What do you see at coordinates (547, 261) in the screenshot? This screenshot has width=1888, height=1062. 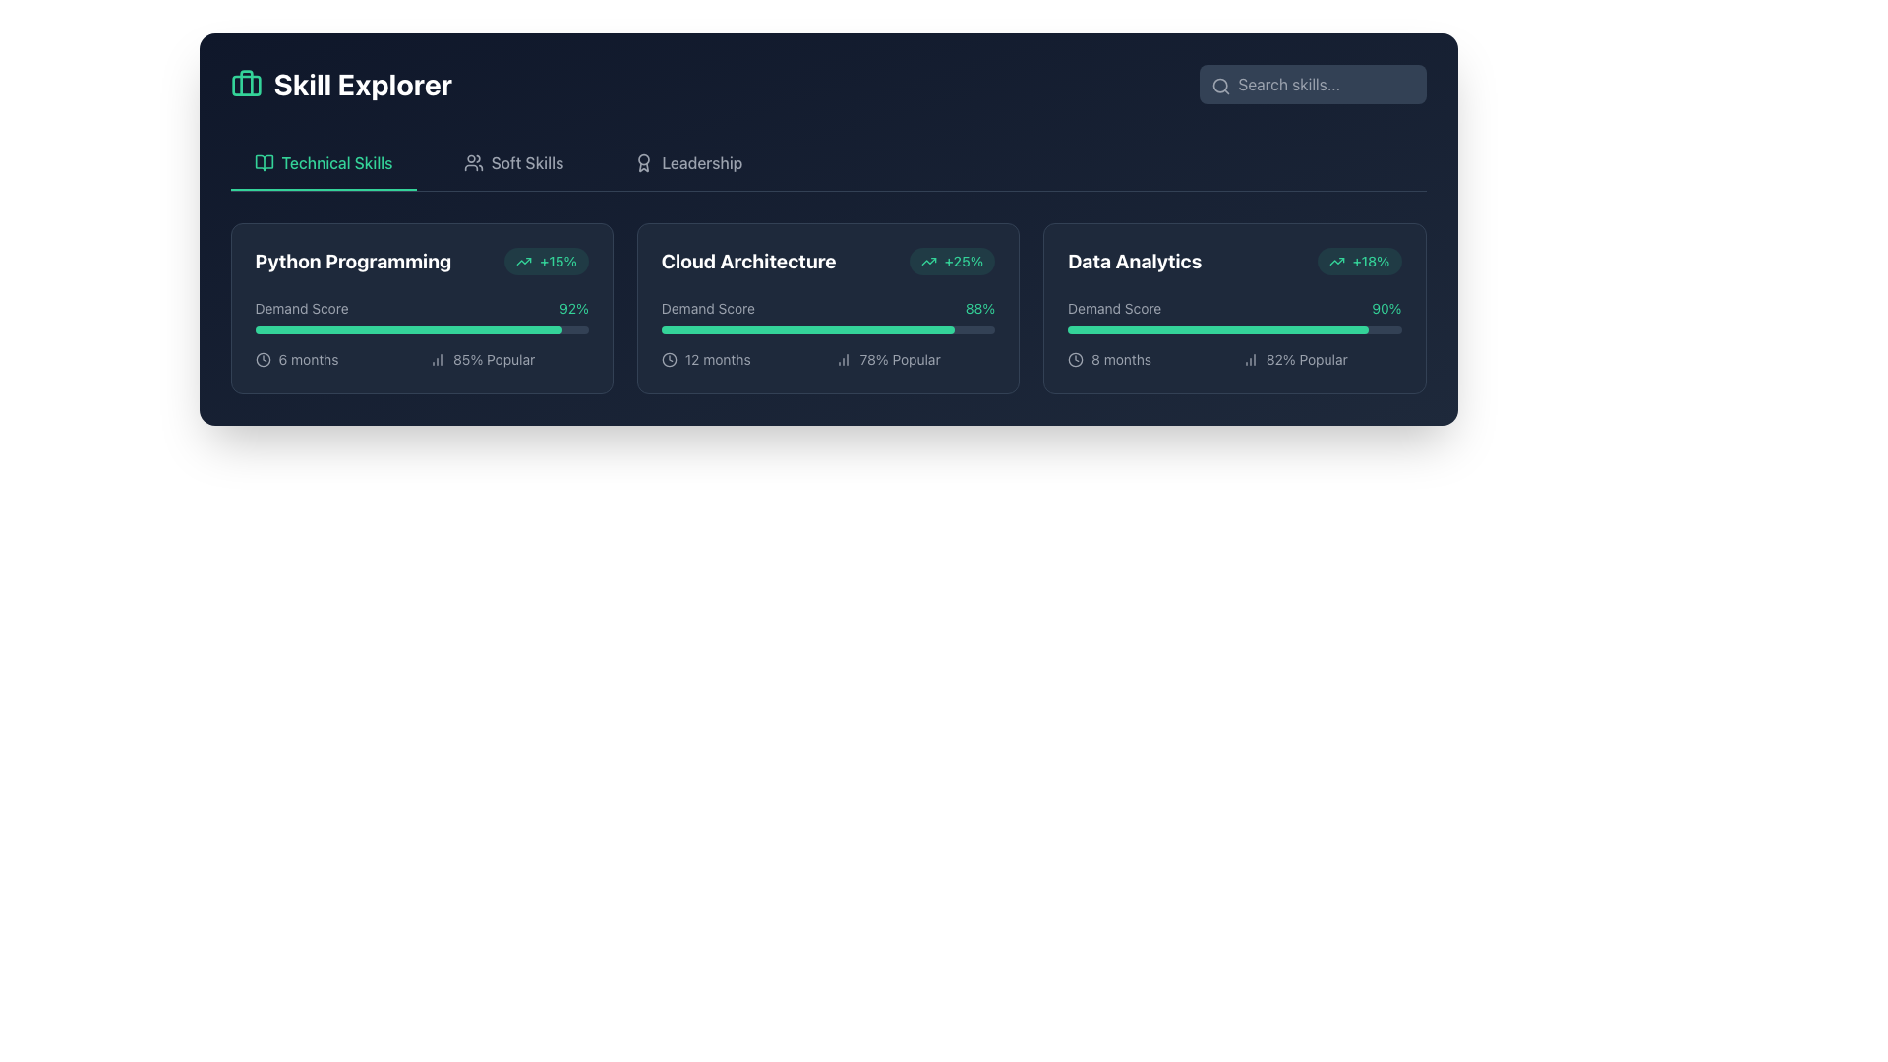 I see `the Informational badge indicating a positive change in the demand for 'Python Programming', located to the right of the title and above the Demand Score in the Skill Explorer interface` at bounding box center [547, 261].